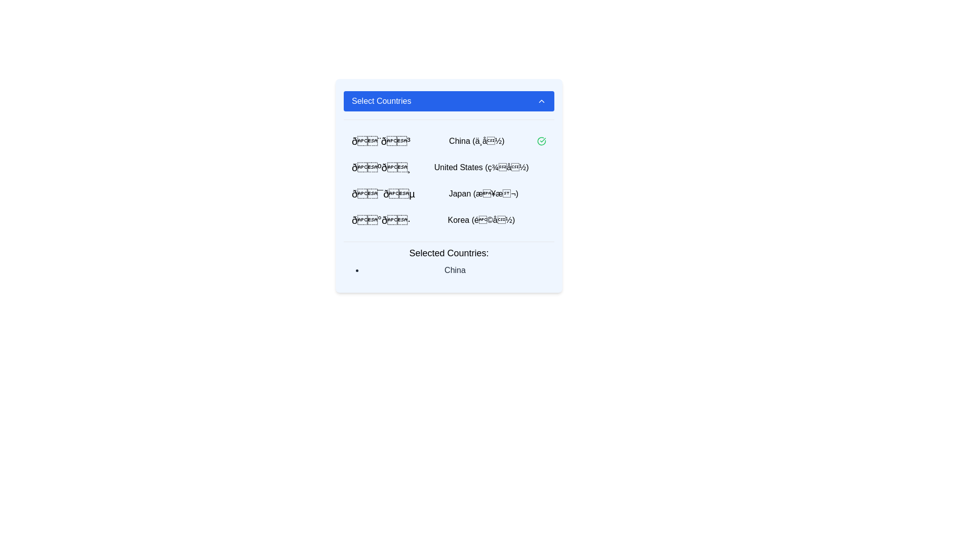 Image resolution: width=972 pixels, height=547 pixels. What do you see at coordinates (483, 193) in the screenshot?
I see `the text label 'Japan (日本)' in the dropdown menu` at bounding box center [483, 193].